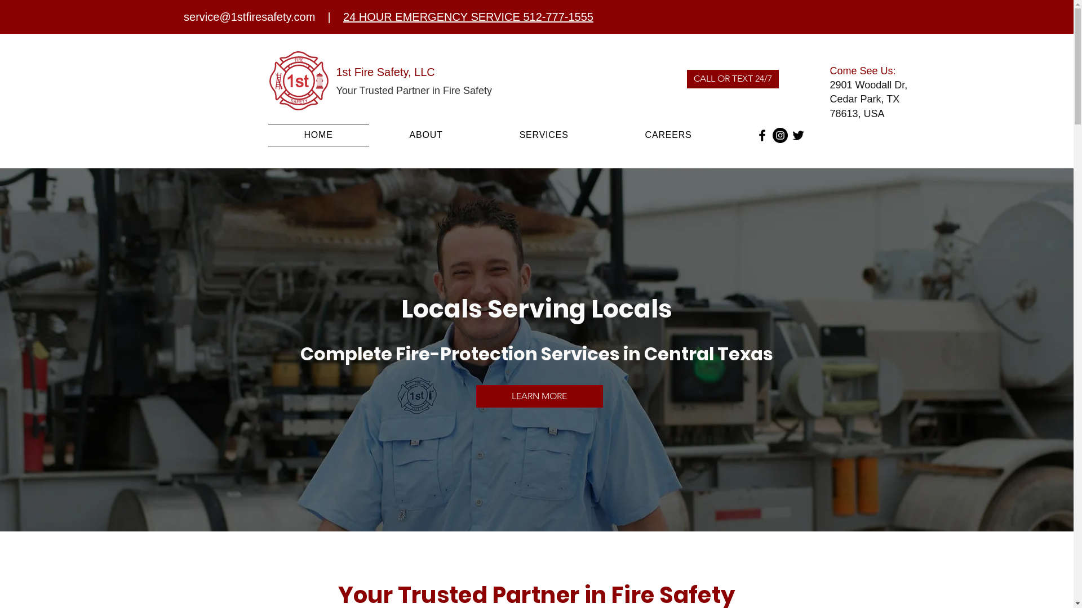  Describe the element at coordinates (544, 134) in the screenshot. I see `'SERVICES'` at that location.